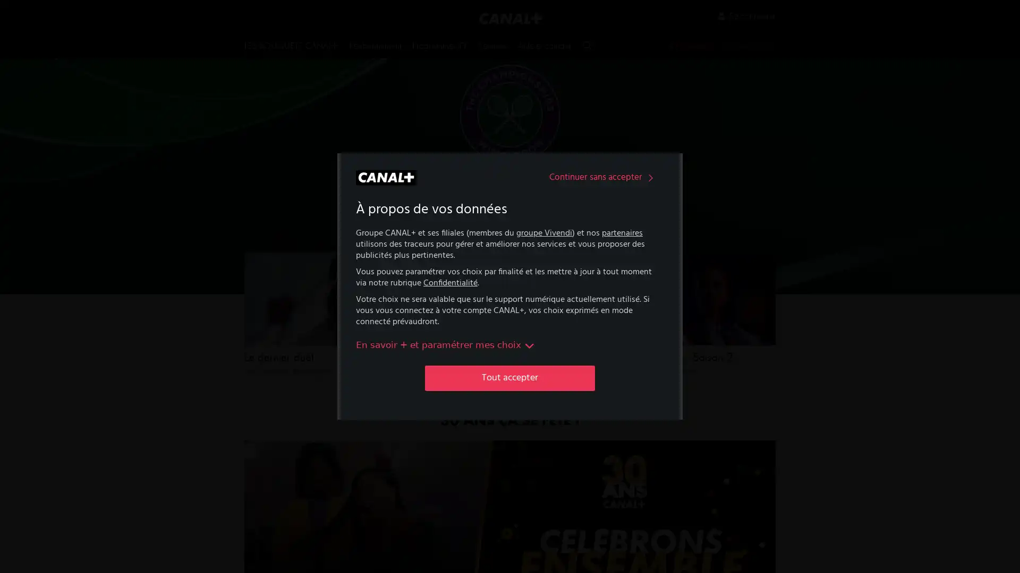 The image size is (1020, 573). I want to click on Tchad, so click(611, 363).